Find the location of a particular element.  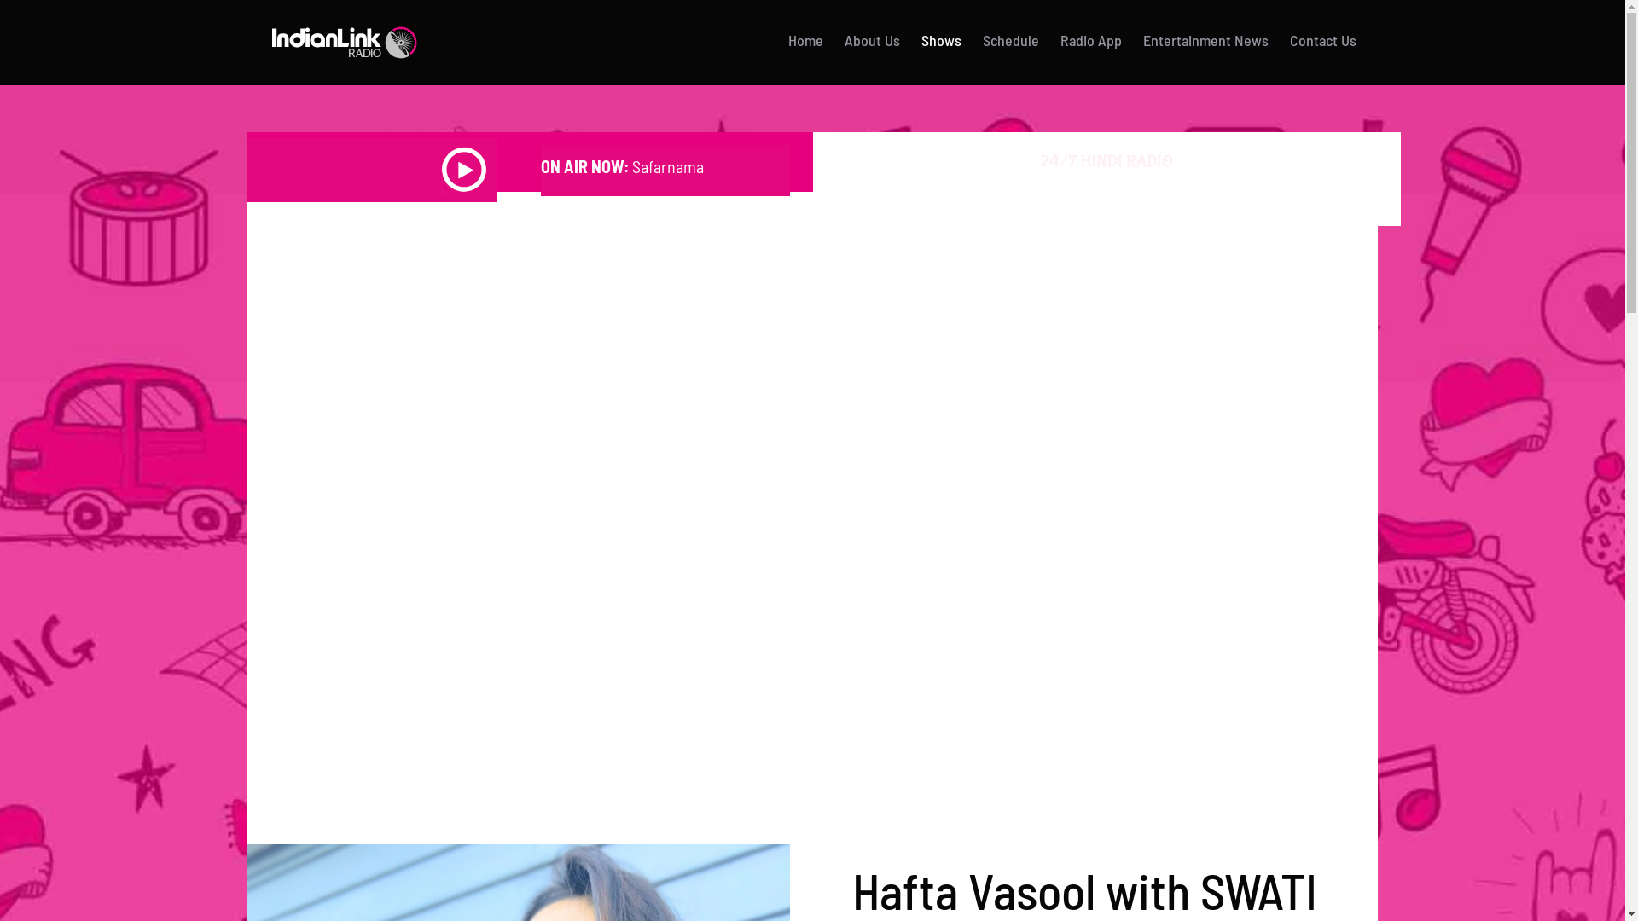

'Entertainment News' is located at coordinates (1205, 38).